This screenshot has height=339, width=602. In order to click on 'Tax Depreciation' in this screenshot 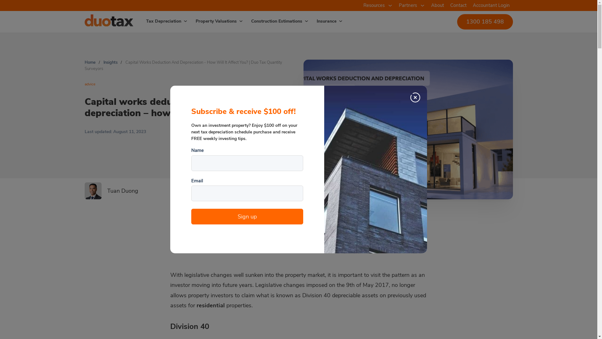, I will do `click(138, 21)`.